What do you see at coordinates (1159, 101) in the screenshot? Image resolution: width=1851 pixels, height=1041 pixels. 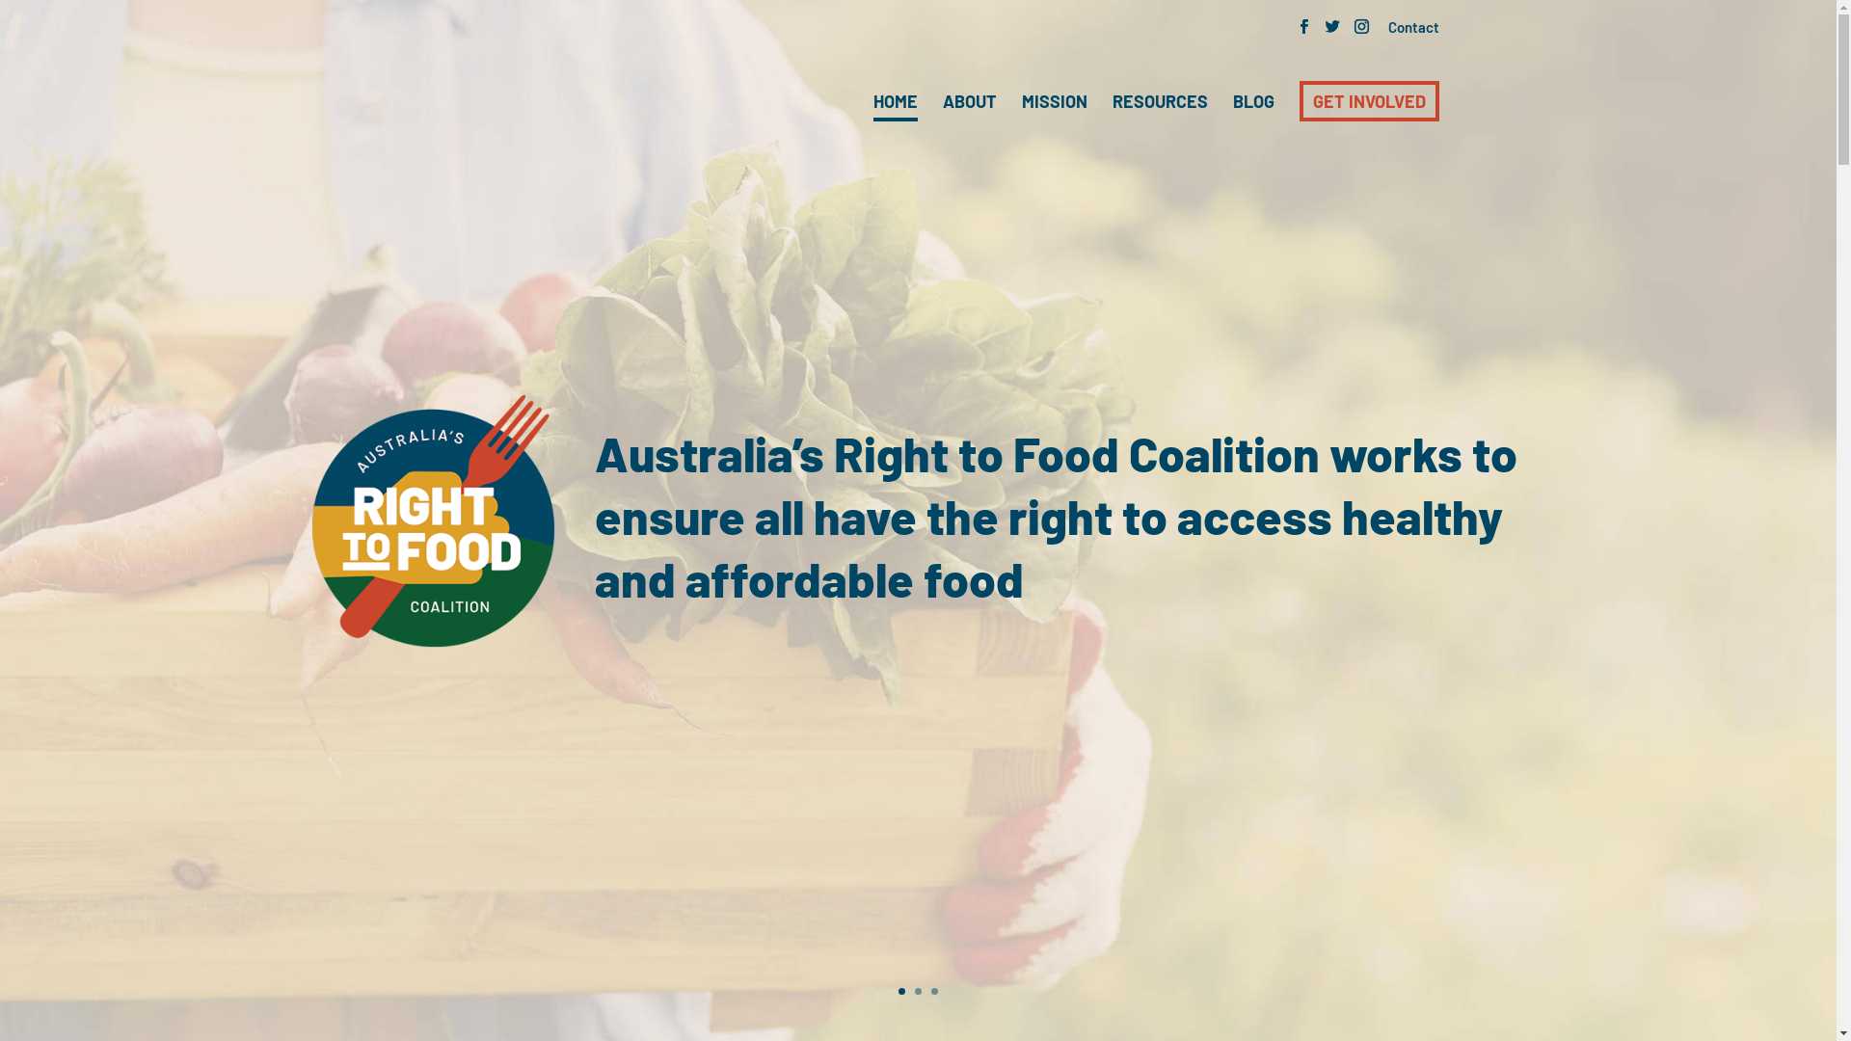 I see `'RESOURCES'` at bounding box center [1159, 101].